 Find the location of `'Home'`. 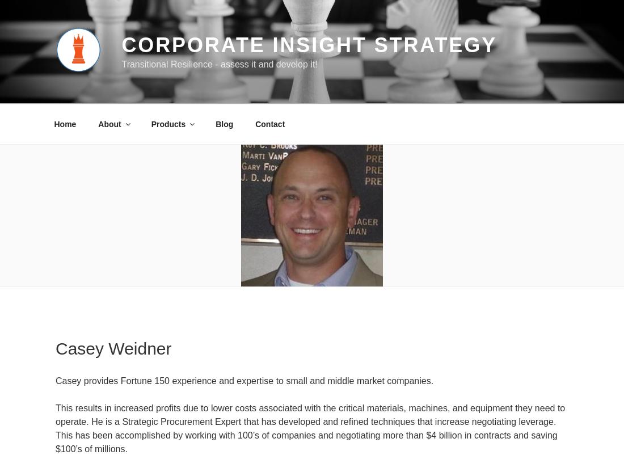

'Home' is located at coordinates (65, 123).